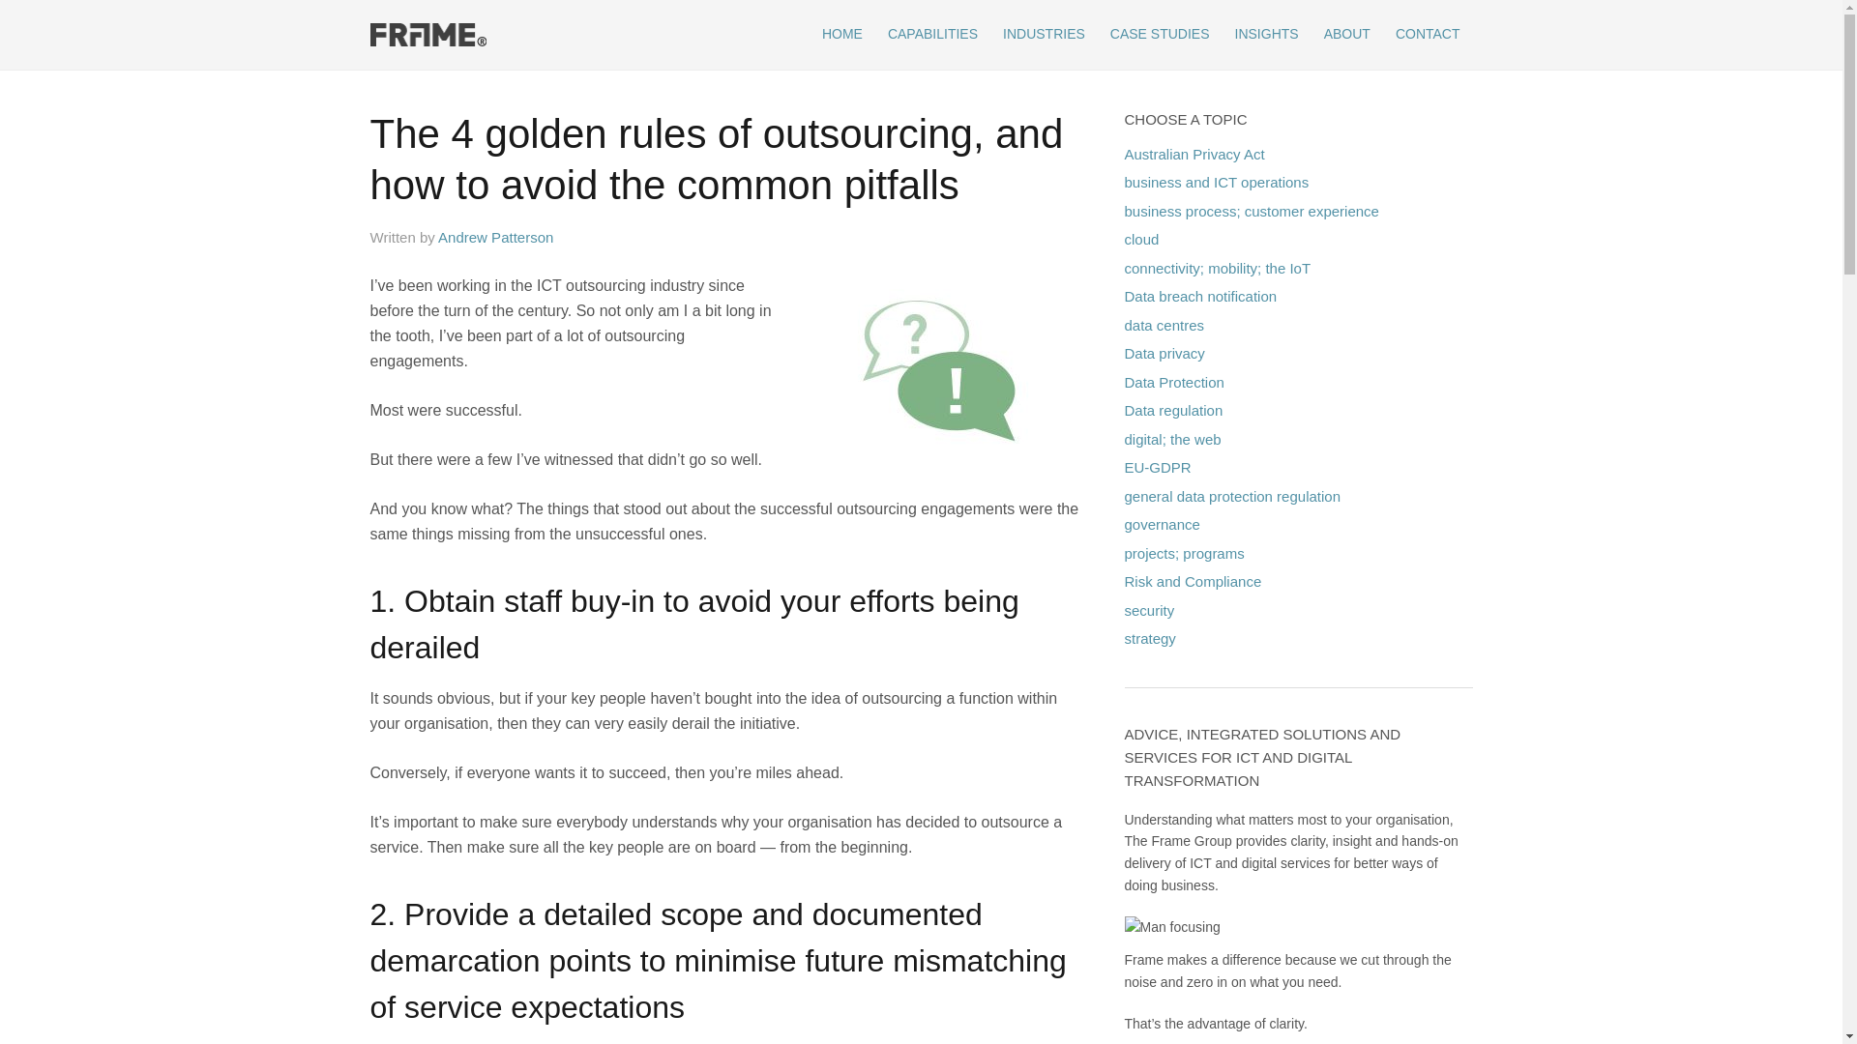 The height and width of the screenshot is (1044, 1857). I want to click on 'INSIGHTS', so click(1221, 33).